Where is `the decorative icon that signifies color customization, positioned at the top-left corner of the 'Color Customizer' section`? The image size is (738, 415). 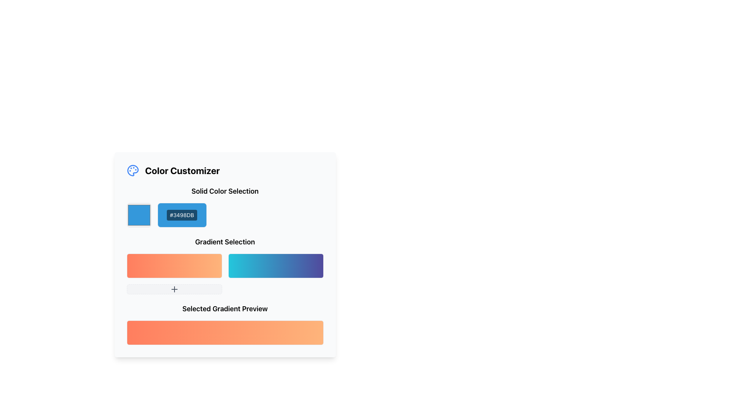
the decorative icon that signifies color customization, positioned at the top-left corner of the 'Color Customizer' section is located at coordinates (133, 170).